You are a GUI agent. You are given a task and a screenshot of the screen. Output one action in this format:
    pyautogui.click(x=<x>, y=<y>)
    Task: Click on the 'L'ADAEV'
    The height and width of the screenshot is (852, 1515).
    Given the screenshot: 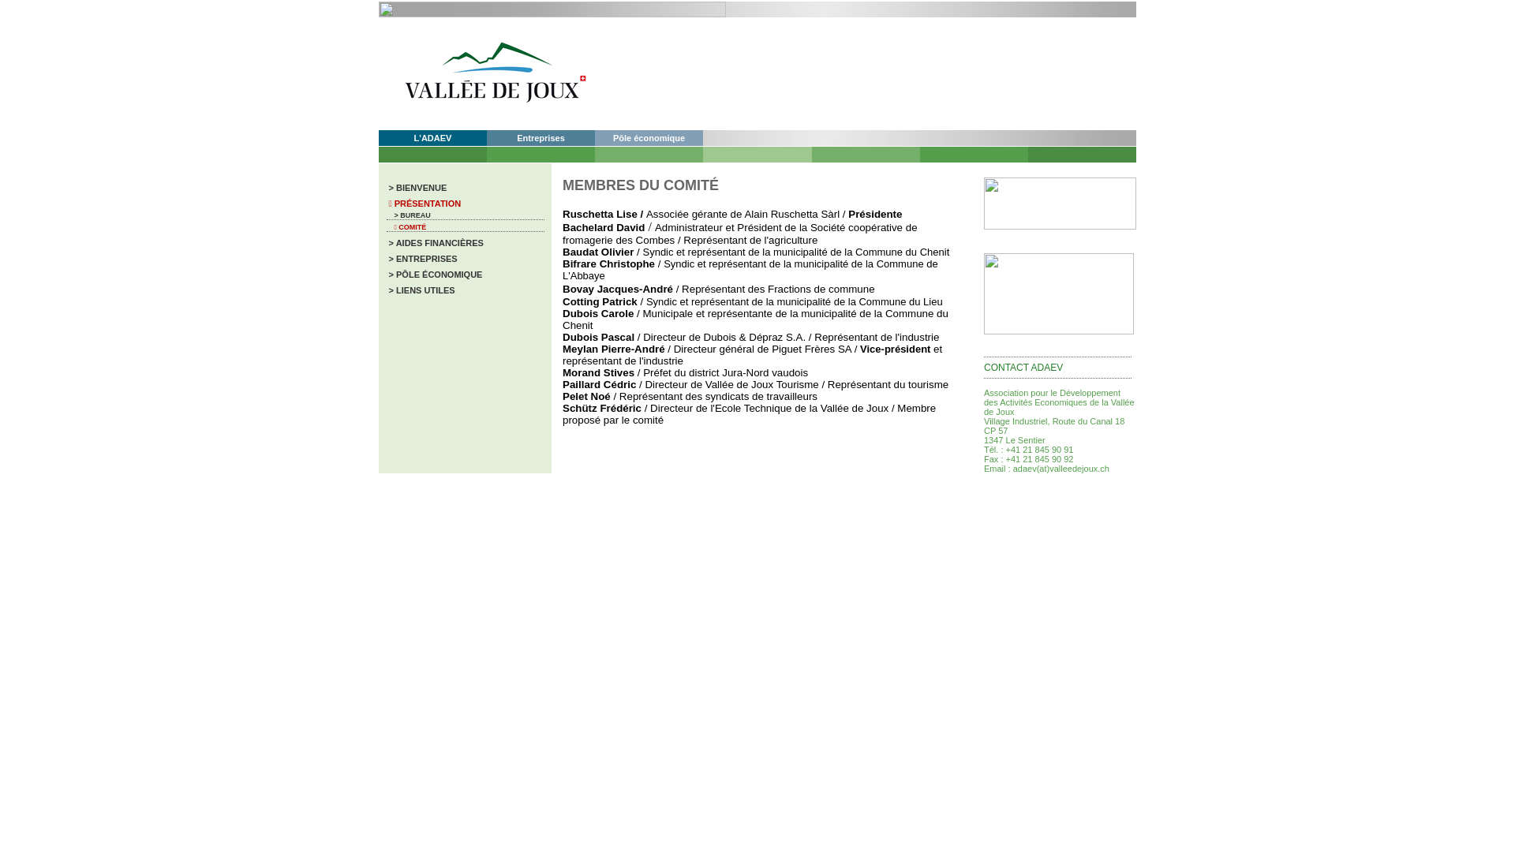 What is the action you would take?
    pyautogui.click(x=432, y=136)
    